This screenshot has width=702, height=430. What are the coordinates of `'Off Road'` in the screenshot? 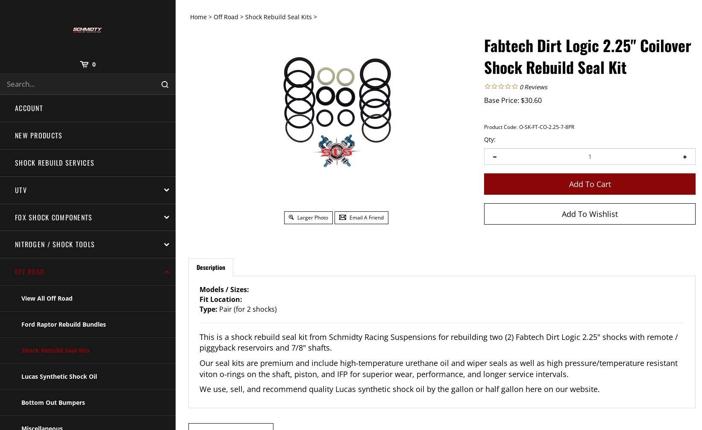 It's located at (225, 17).